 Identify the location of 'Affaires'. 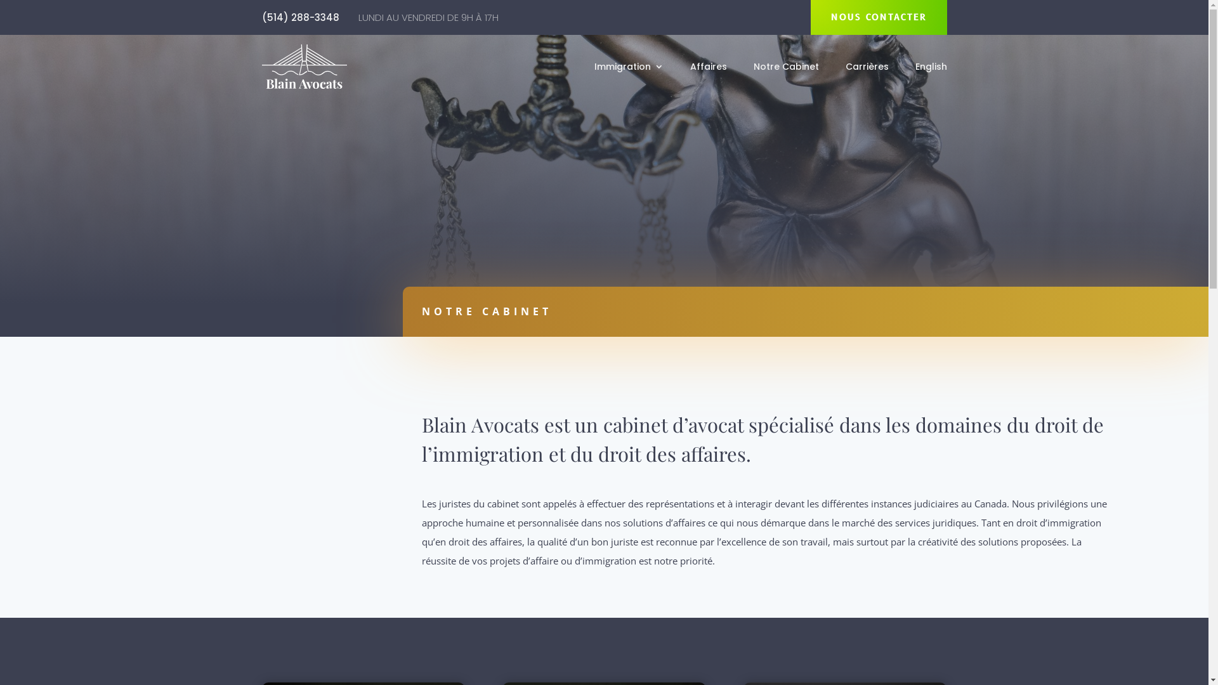
(708, 68).